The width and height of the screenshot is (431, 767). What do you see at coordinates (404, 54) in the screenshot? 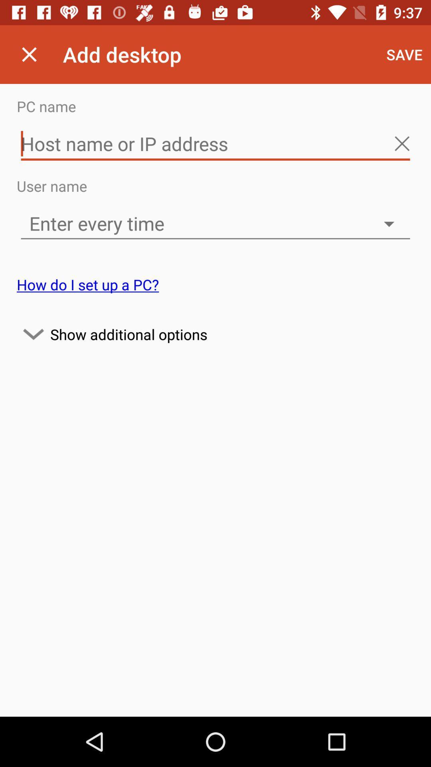
I see `icon next to the add desktop` at bounding box center [404, 54].